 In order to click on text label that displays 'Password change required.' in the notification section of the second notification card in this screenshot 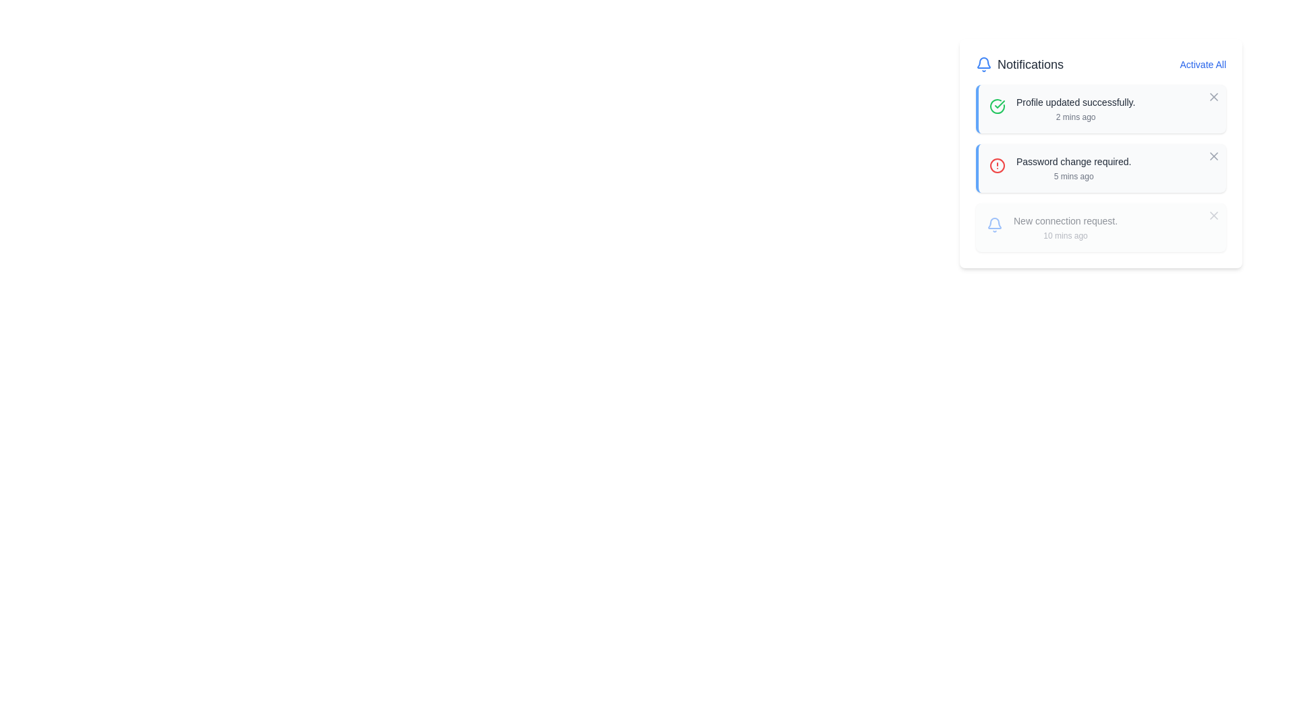, I will do `click(1073, 160)`.